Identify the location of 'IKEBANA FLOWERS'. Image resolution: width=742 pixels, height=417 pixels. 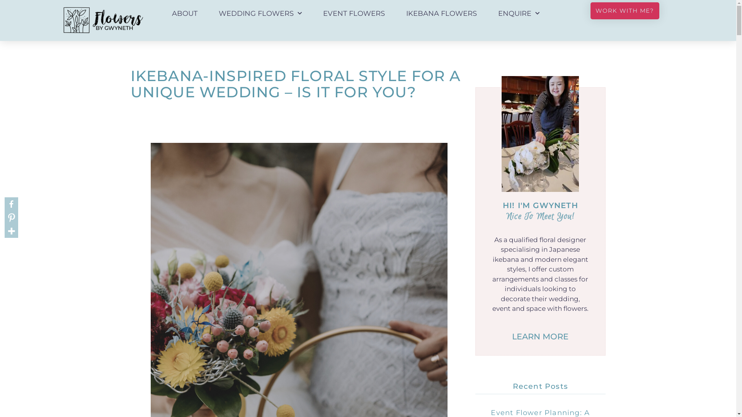
(441, 13).